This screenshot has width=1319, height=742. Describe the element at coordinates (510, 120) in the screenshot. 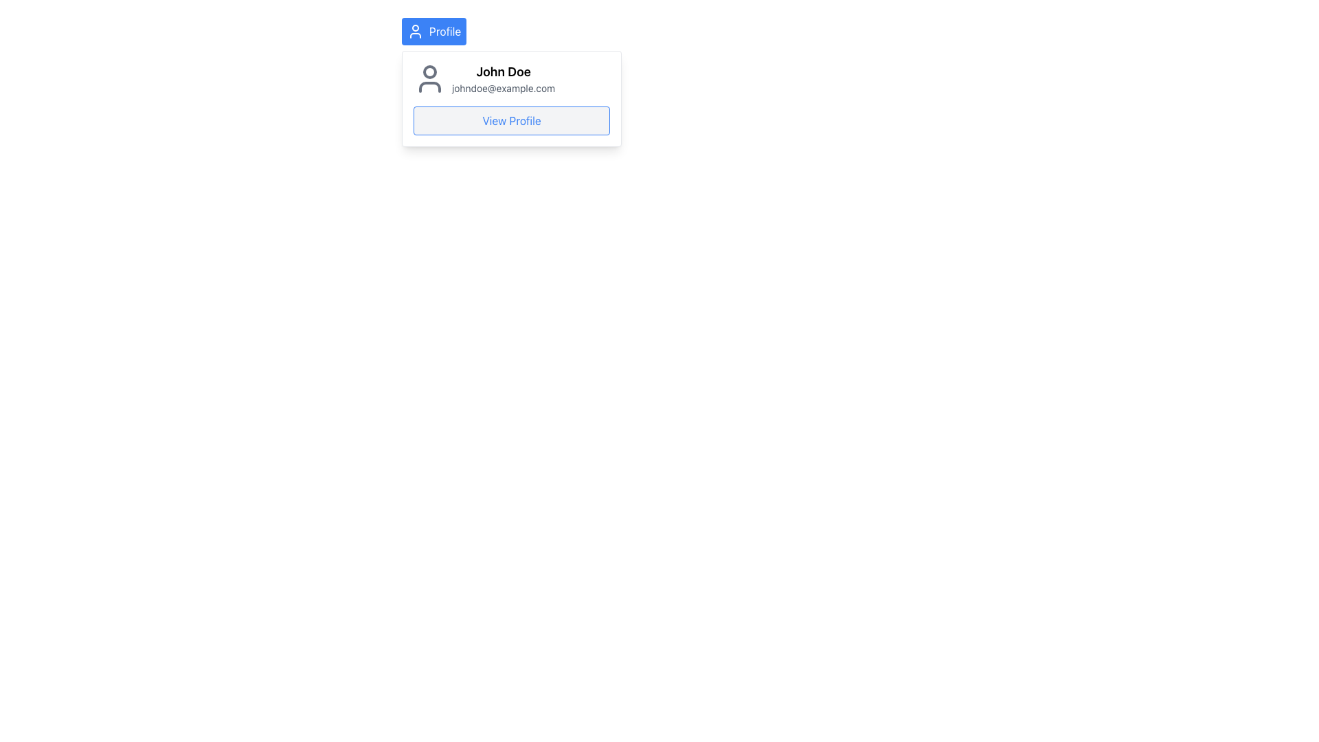

I see `the 'View Profile' button, which is a rectangular button with a blue font on a gray background and a blue border, located in the lower section of a pop-up card layout` at that location.